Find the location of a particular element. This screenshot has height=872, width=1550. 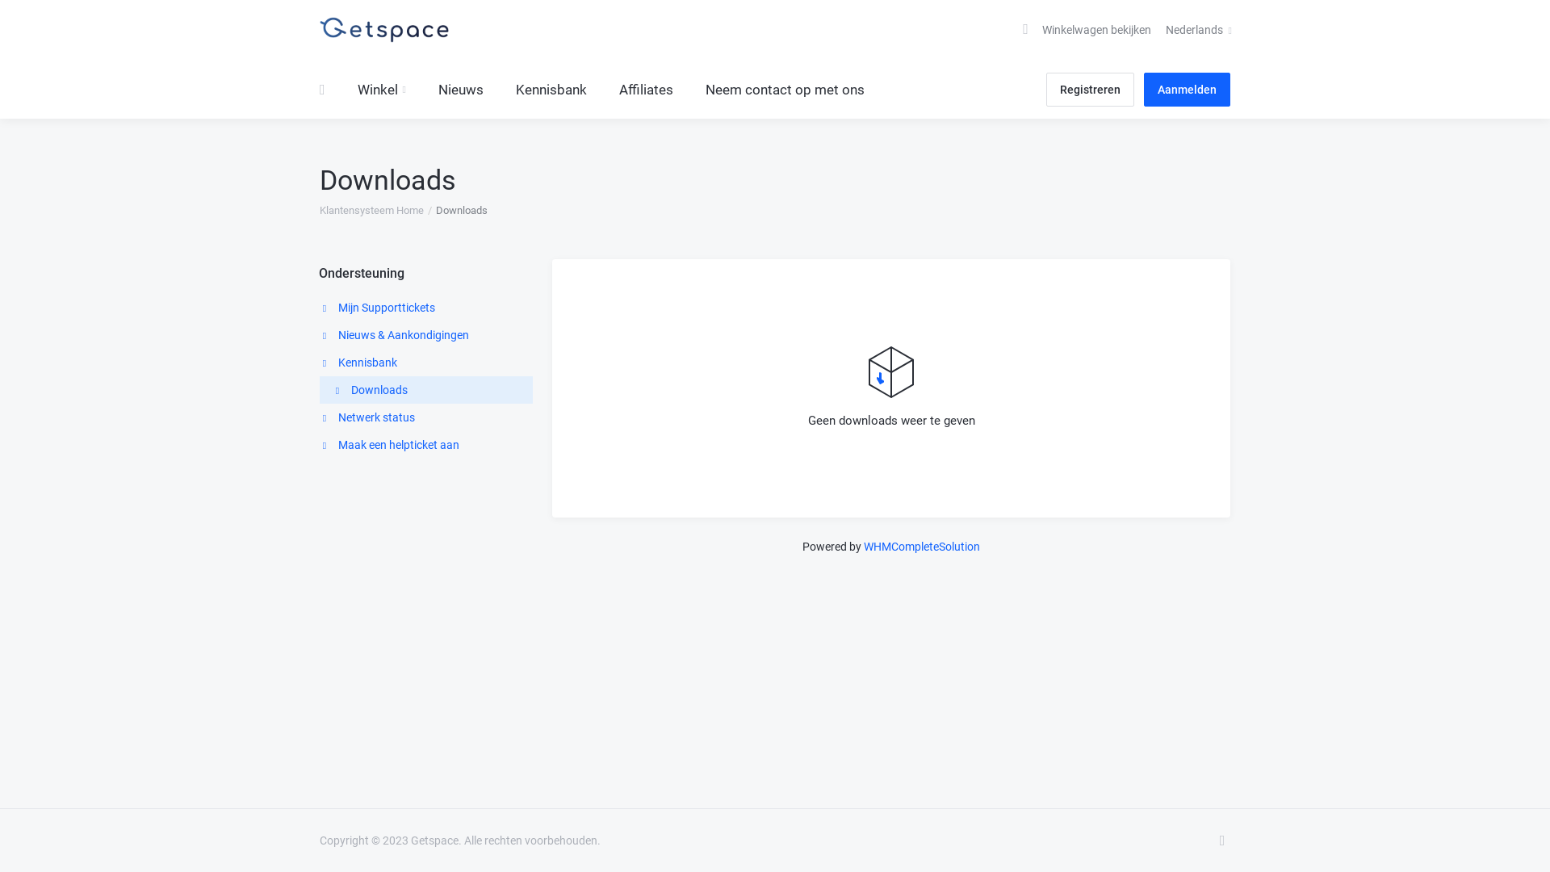

'Mijn Supporttickets' is located at coordinates (319, 308).